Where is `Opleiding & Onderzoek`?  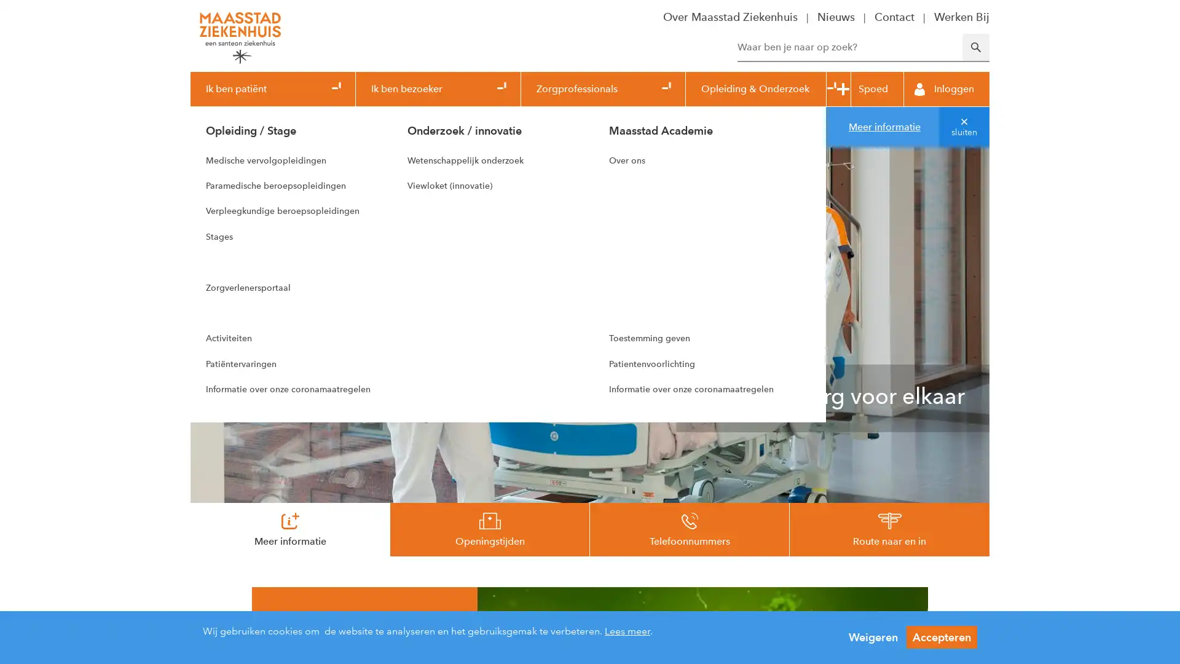
Opleiding & Onderzoek is located at coordinates (767, 89).